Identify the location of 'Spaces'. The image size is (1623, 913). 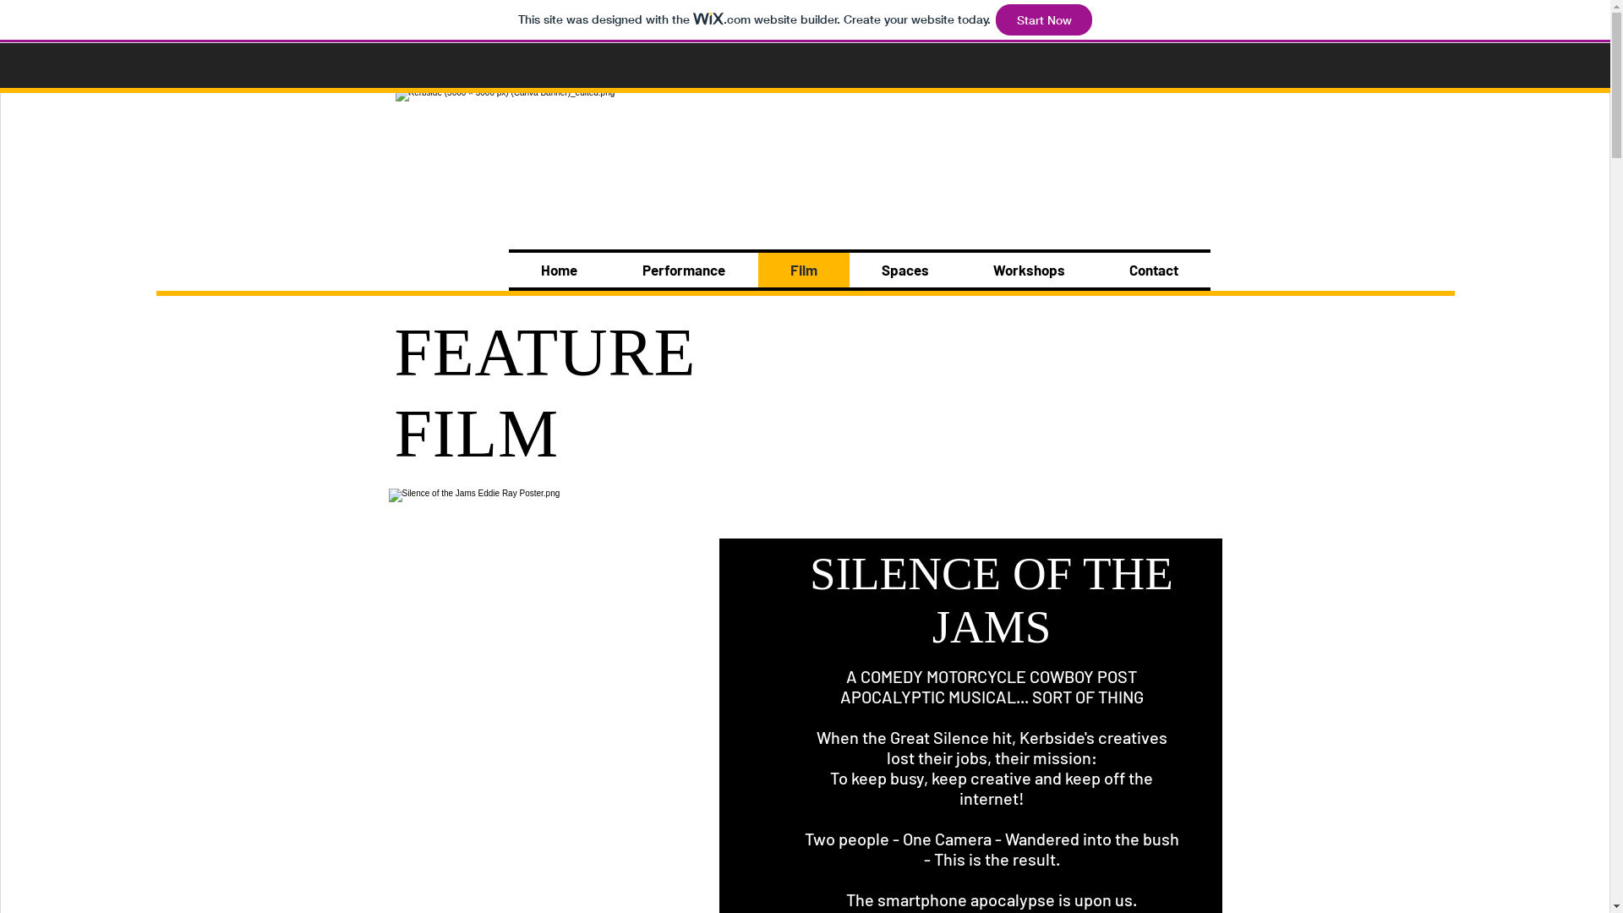
(904, 269).